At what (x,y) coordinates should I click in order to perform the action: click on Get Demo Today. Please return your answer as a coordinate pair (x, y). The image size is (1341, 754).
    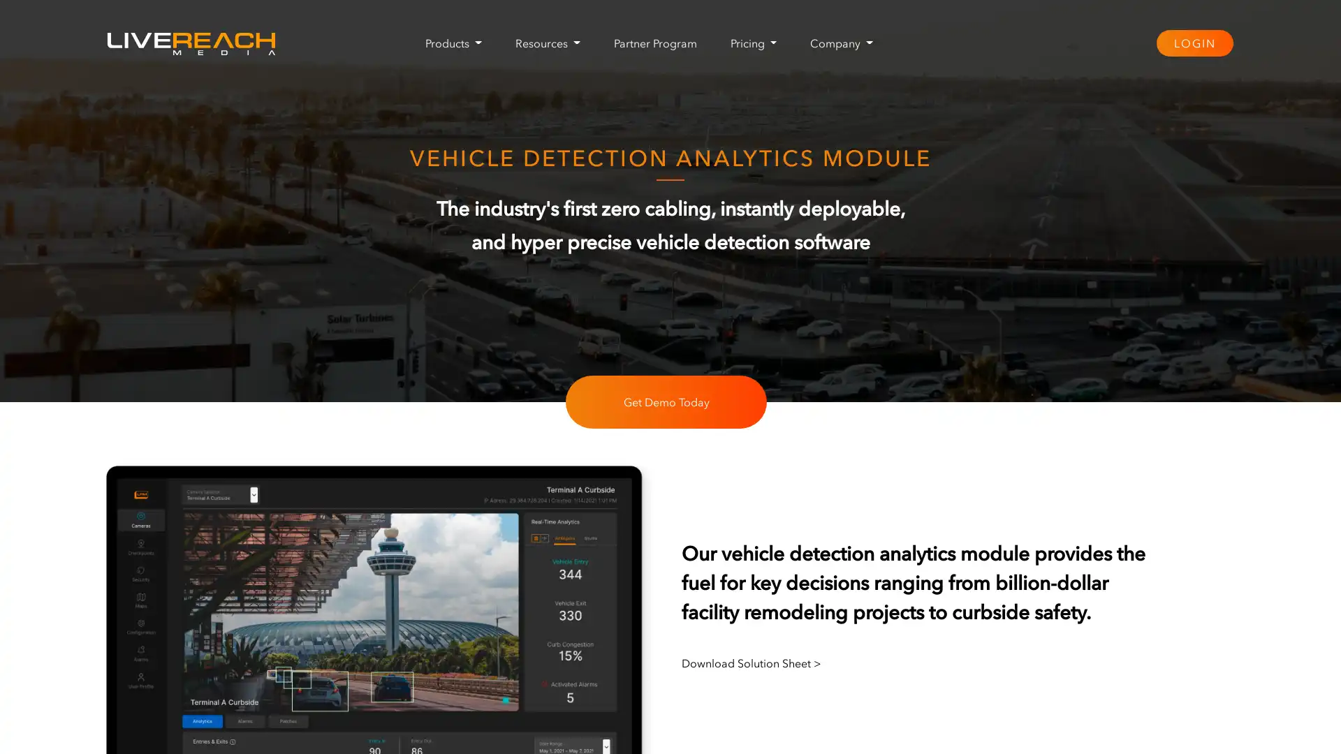
    Looking at the image, I should click on (666, 401).